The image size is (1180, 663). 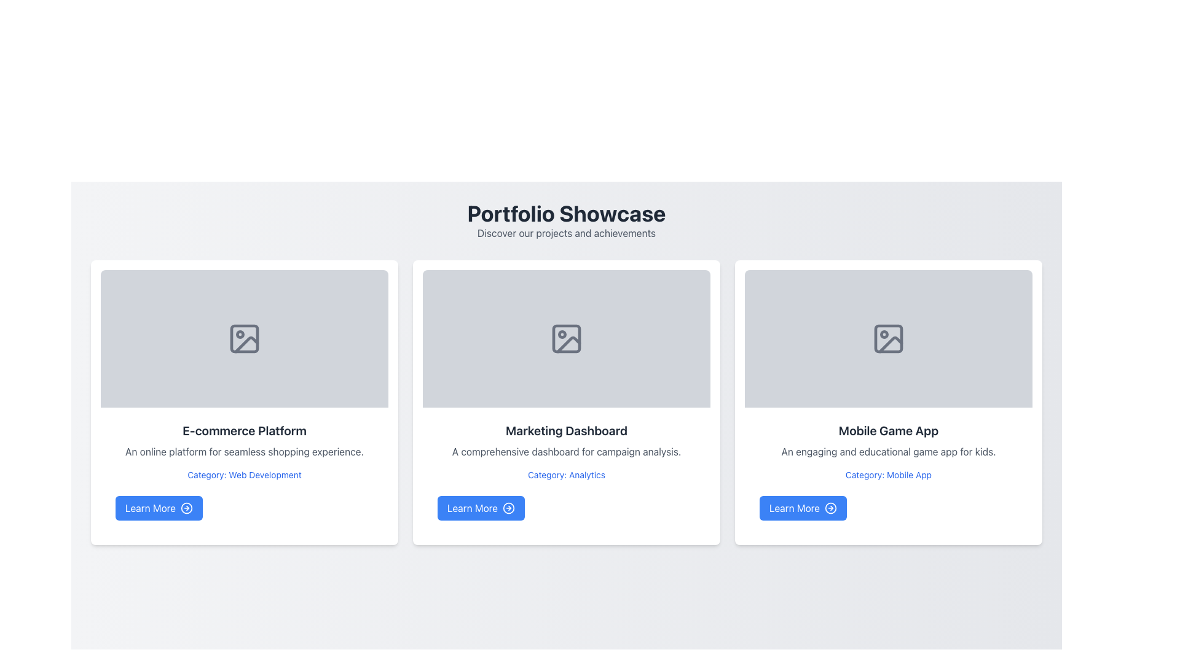 What do you see at coordinates (888, 475) in the screenshot?
I see `the text label that categorizes the section as 'Mobile App', located in the third column, between the description 'An engaging and educational game app for kids.' and the 'Learn More' button` at bounding box center [888, 475].